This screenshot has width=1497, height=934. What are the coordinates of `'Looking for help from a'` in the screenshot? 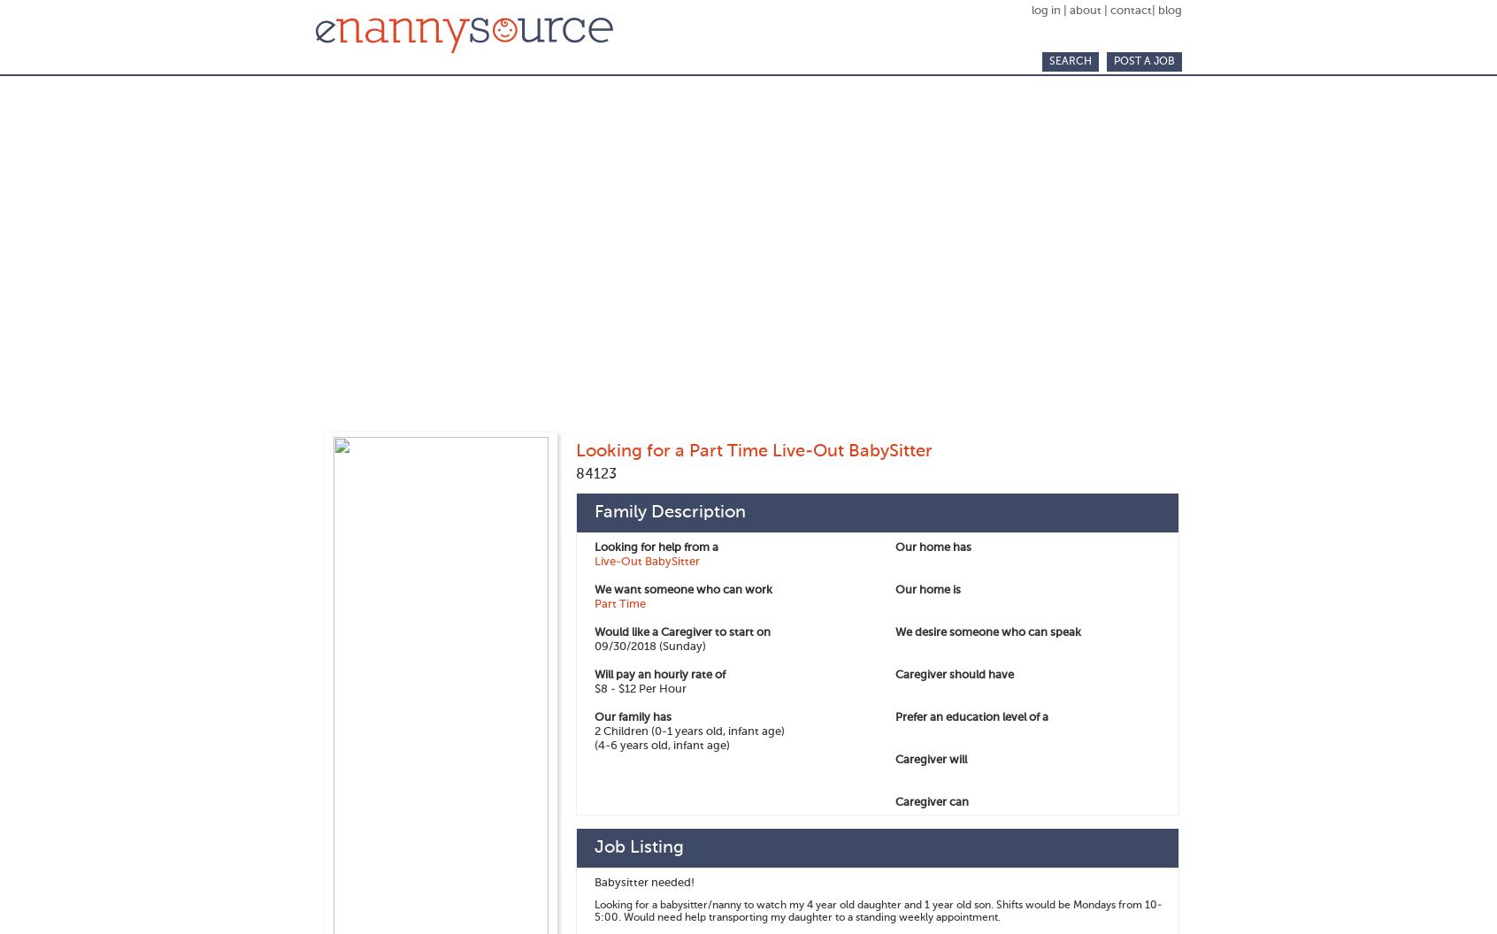 It's located at (655, 547).